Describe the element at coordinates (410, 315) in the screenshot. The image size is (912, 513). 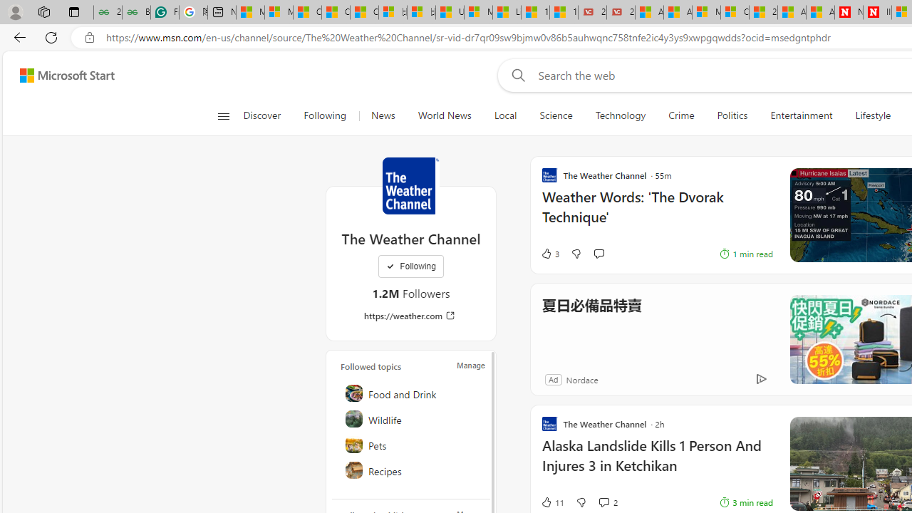
I see `'https://weather.com'` at that location.